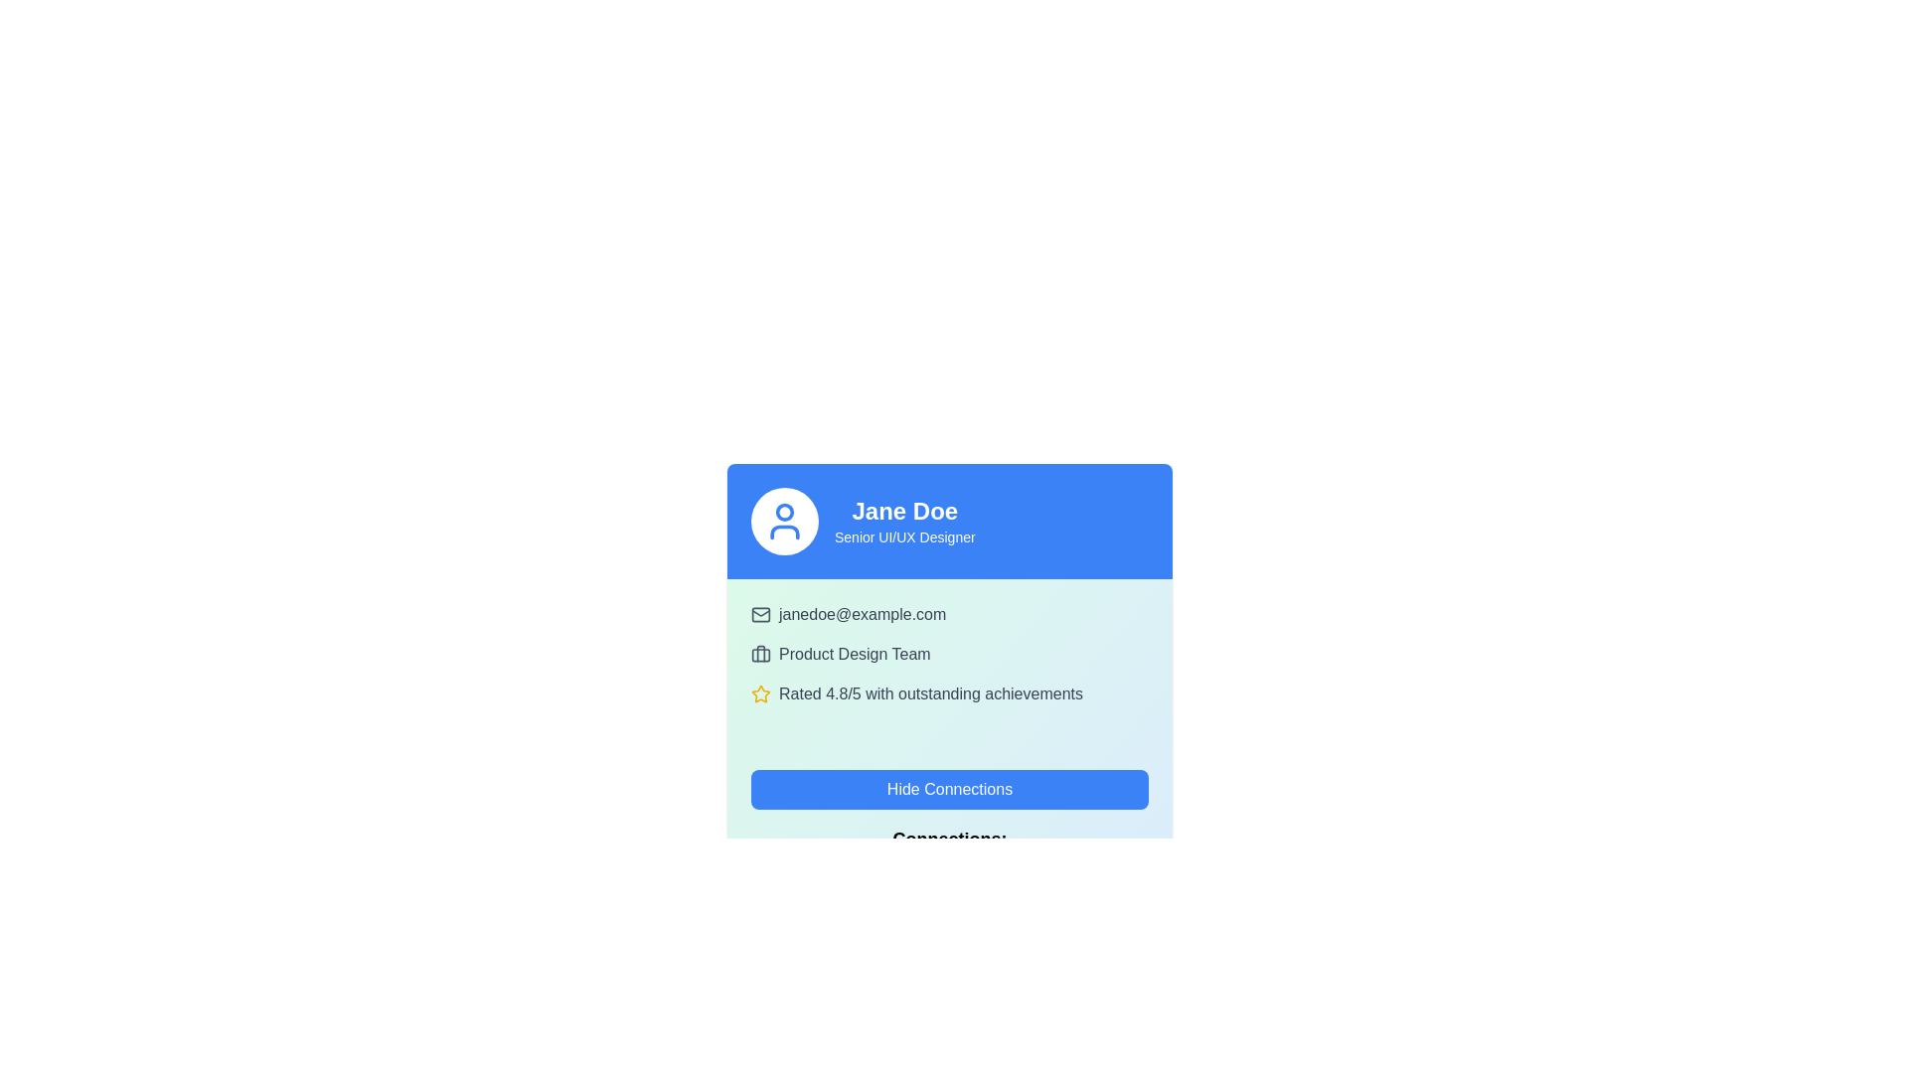  I want to click on the heading or label text that introduces the following content listing user connections, located beneath the 'Hide Connections' button, so click(948, 839).